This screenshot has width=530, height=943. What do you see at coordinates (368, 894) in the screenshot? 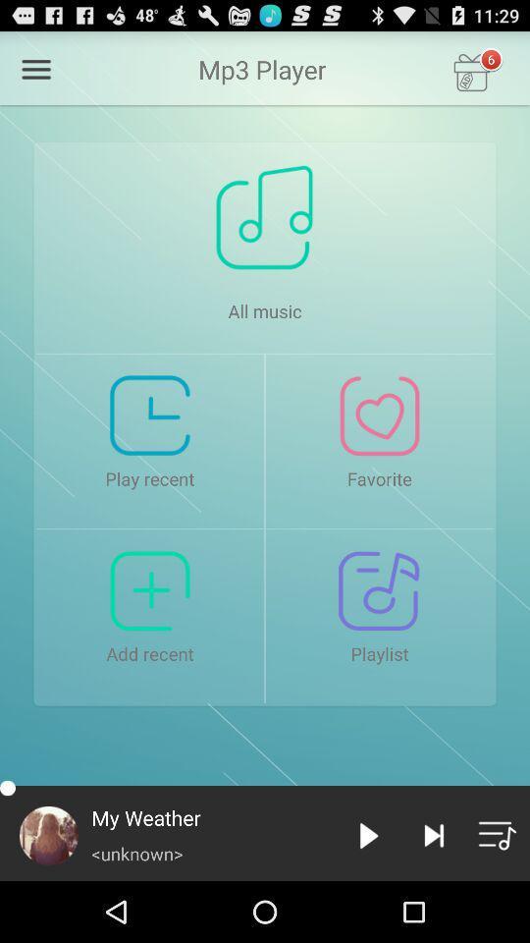
I see `the play icon` at bounding box center [368, 894].